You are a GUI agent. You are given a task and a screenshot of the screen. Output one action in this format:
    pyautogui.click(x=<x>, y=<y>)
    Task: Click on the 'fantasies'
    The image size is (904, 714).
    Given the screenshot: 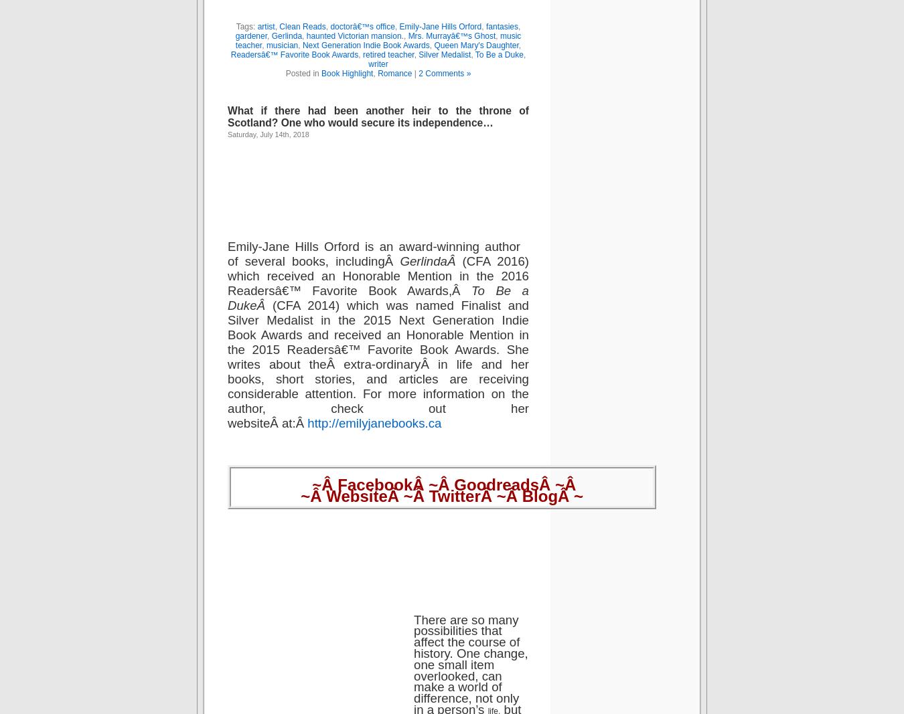 What is the action you would take?
    pyautogui.click(x=500, y=25)
    